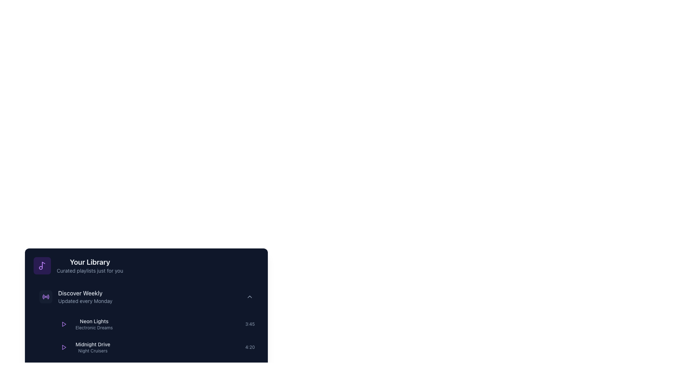 Image resolution: width=694 pixels, height=390 pixels. What do you see at coordinates (45, 296) in the screenshot?
I see `the center of the 'active' or 'radio' status icon located in the bottom-left corner of the interface under 'Your Library', next to 'Discover Weekly'` at bounding box center [45, 296].